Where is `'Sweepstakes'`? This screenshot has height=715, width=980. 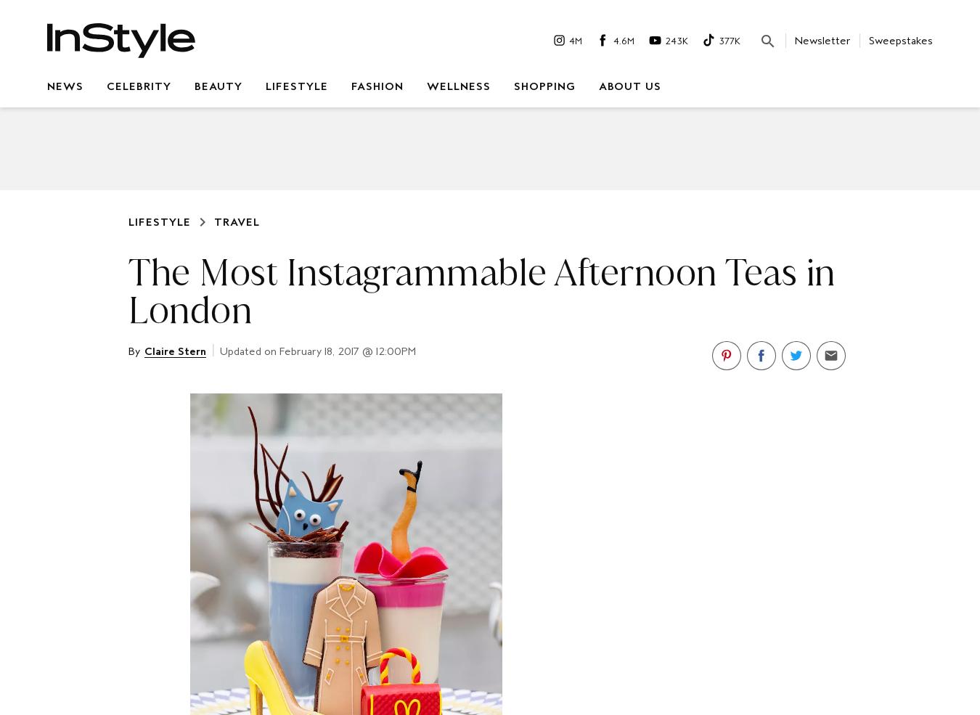 'Sweepstakes' is located at coordinates (901, 38).